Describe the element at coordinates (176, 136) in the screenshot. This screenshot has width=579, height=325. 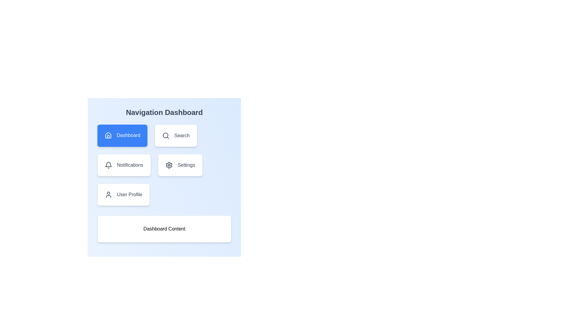
I see `the 'Search' menu item located in the top row of the main menu, to the right of the 'Dashboard' button` at that location.